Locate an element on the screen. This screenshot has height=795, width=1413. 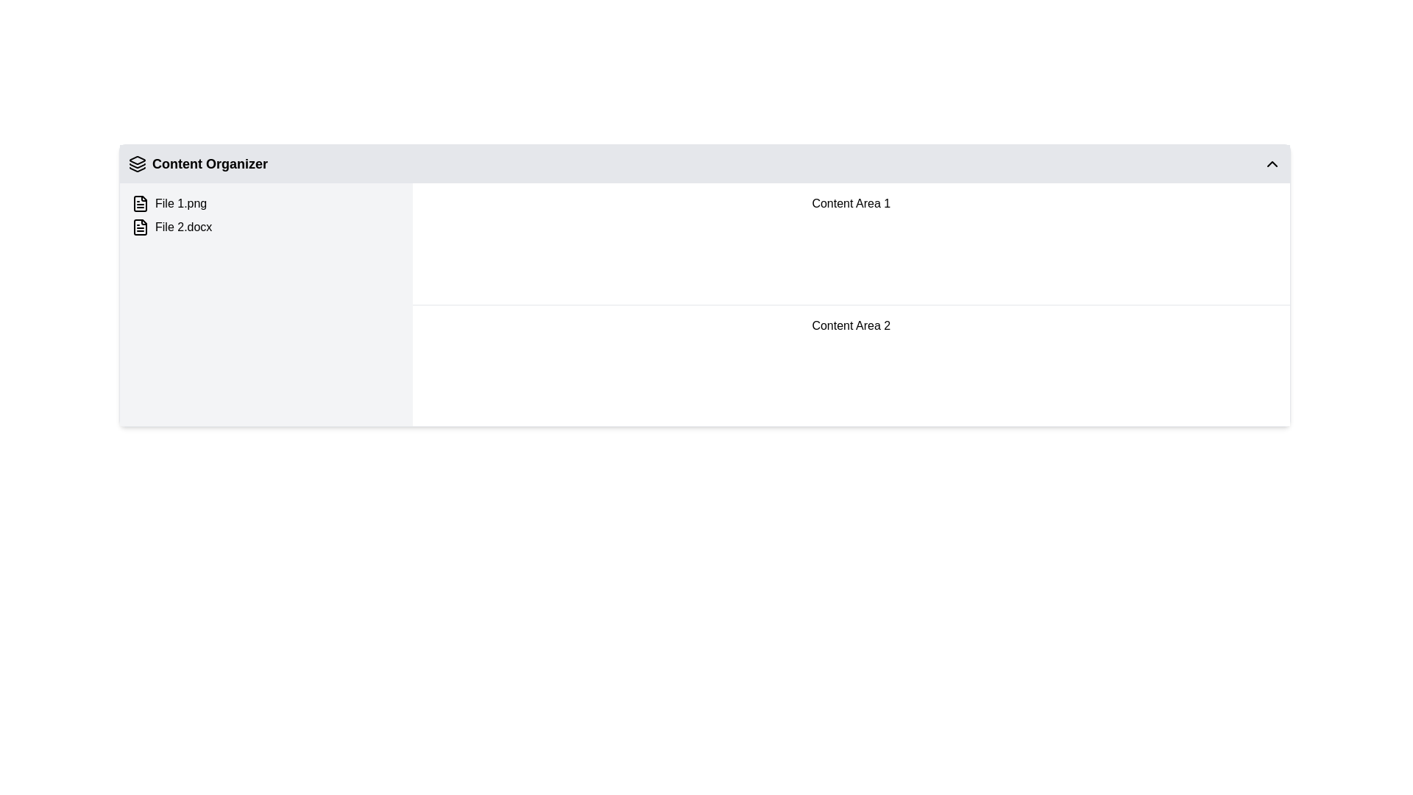
the document icon that resembles a file, located to the left of the text 'File 2.docx' in the 'Content Organizer' section is located at coordinates (141, 227).